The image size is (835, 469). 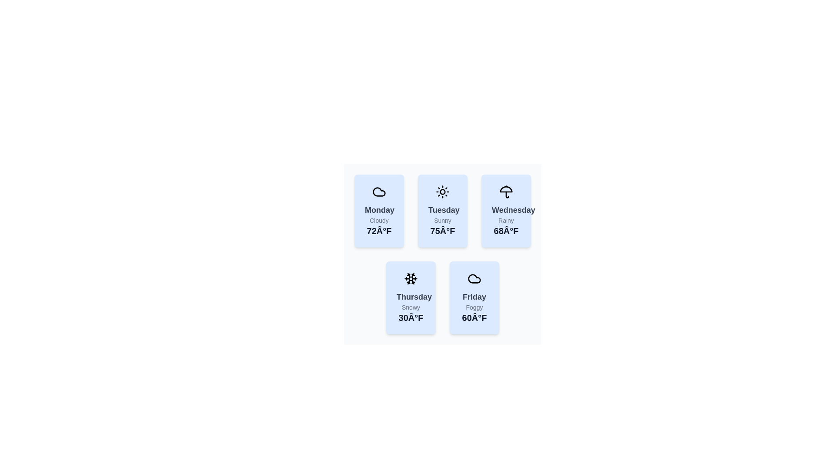 What do you see at coordinates (506, 220) in the screenshot?
I see `the Text Label that indicates the type of weather associated with the 'Wednesday' forecast, located in the middle column of the top row within the grid layout` at bounding box center [506, 220].